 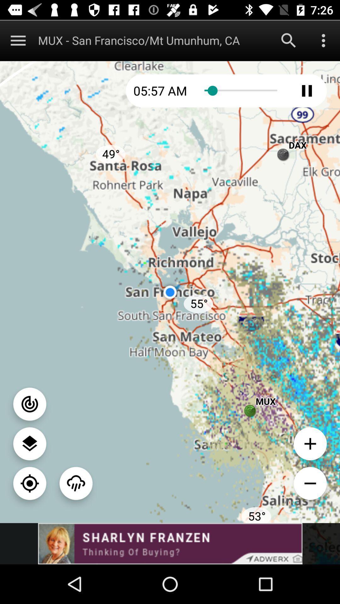 What do you see at coordinates (30, 443) in the screenshot?
I see `the layers icon` at bounding box center [30, 443].